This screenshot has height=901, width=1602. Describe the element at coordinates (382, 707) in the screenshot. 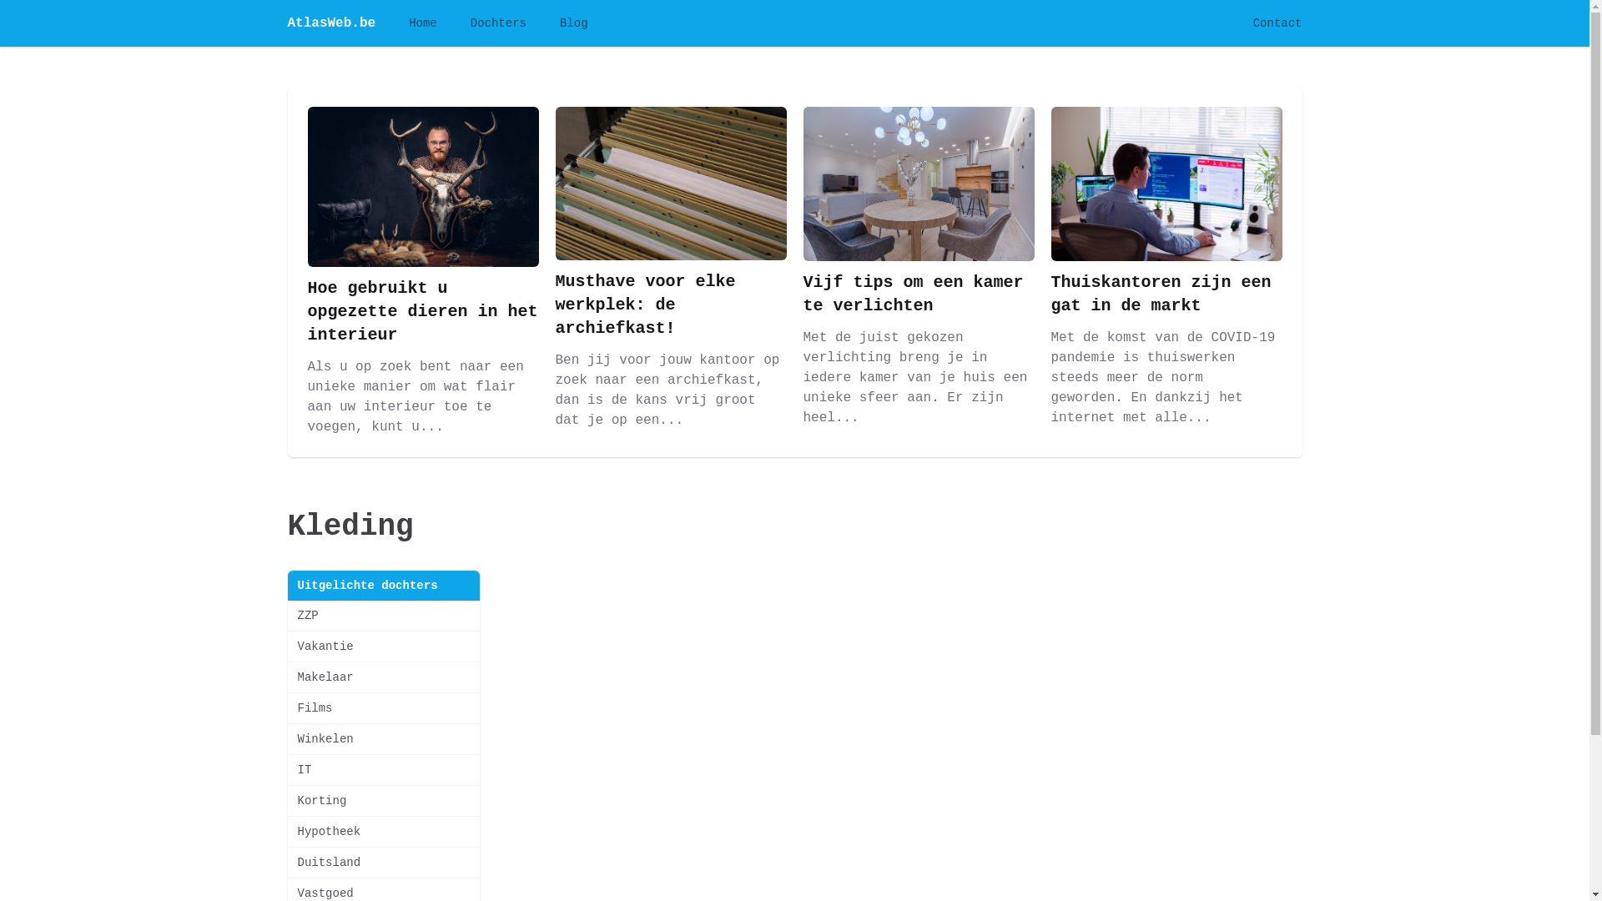

I see `'Films'` at that location.